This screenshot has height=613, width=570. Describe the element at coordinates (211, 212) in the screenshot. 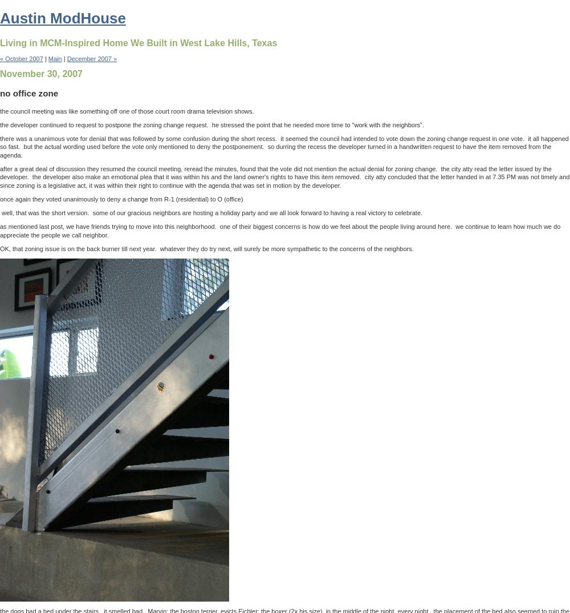

I see `'well, that was the short version.  some of our gracious neighbors are hosting a holiday party and we all look forward to having a real victory to celebrate.'` at that location.